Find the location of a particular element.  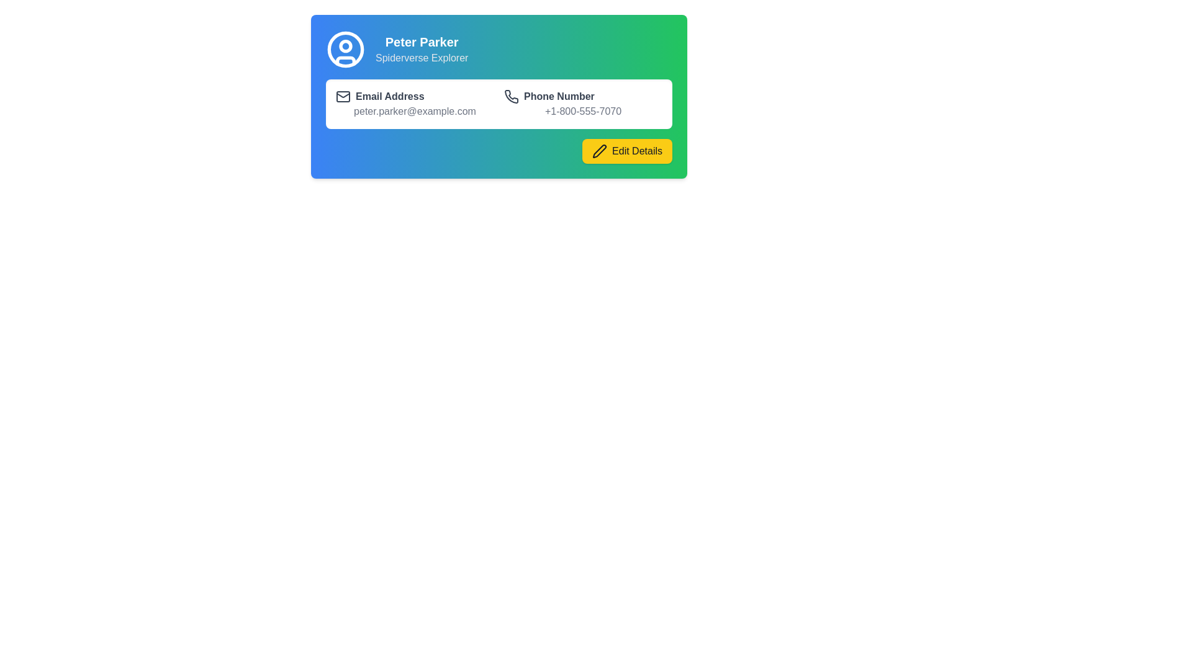

text from the Text Label that serves as the primary identifier of the user profile, located at the top-left of the profile overview box is located at coordinates (422, 42).